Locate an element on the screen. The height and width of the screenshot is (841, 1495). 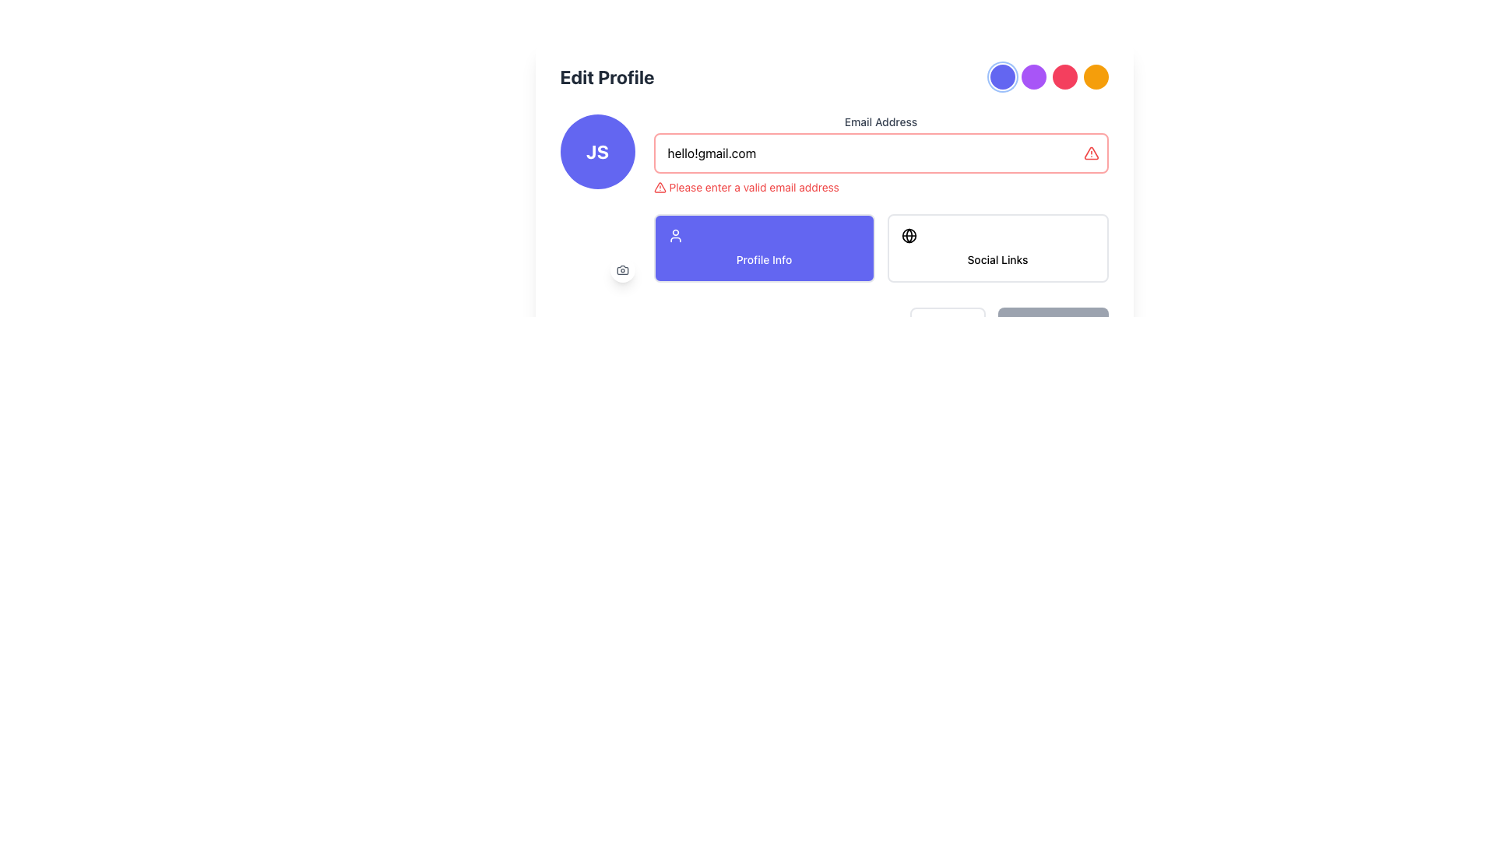
the button located in the bottom-right corner of the circular profile picture area to update or edit the profile picture is located at coordinates (621, 269).